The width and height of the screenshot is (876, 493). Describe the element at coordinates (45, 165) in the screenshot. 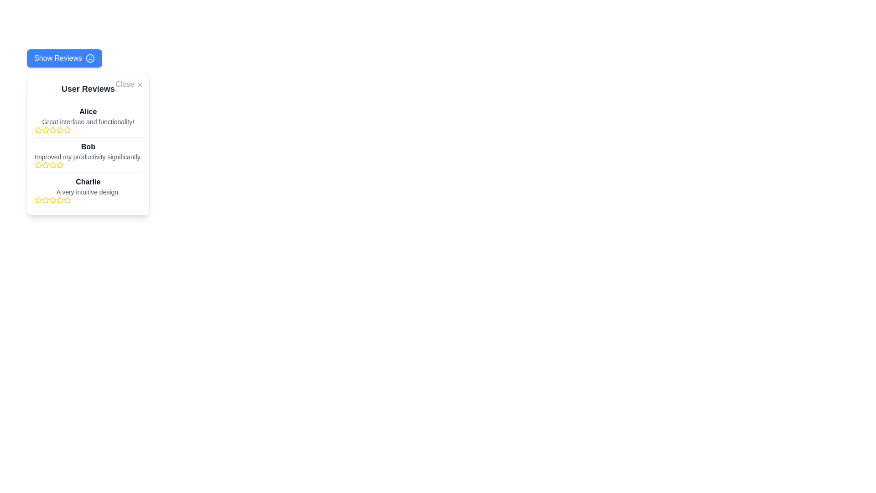

I see `the first star in the second row of the rating section under the review titled 'Bob'` at that location.